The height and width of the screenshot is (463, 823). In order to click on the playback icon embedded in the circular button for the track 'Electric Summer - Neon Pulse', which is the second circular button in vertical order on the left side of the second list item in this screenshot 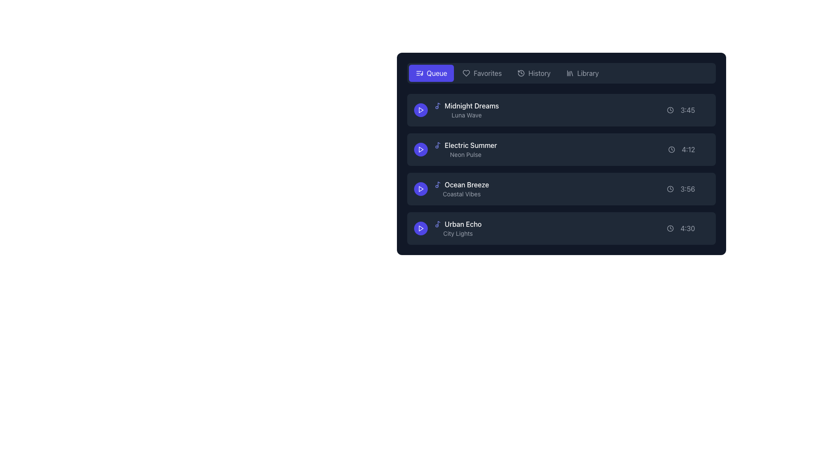, I will do `click(421, 149)`.